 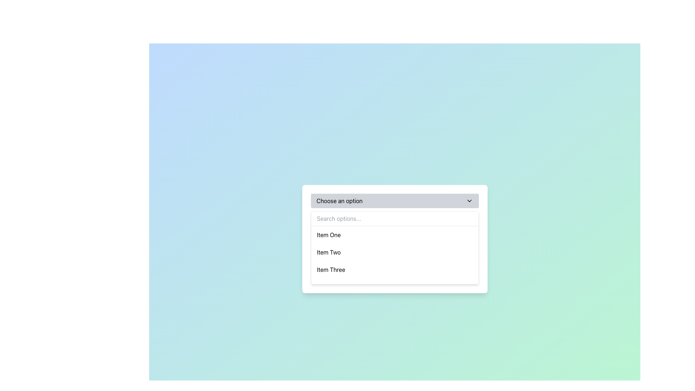 I want to click on the third item in the dropdown menu that represents 'Item Three', located under 'Choose an option', so click(x=394, y=269).